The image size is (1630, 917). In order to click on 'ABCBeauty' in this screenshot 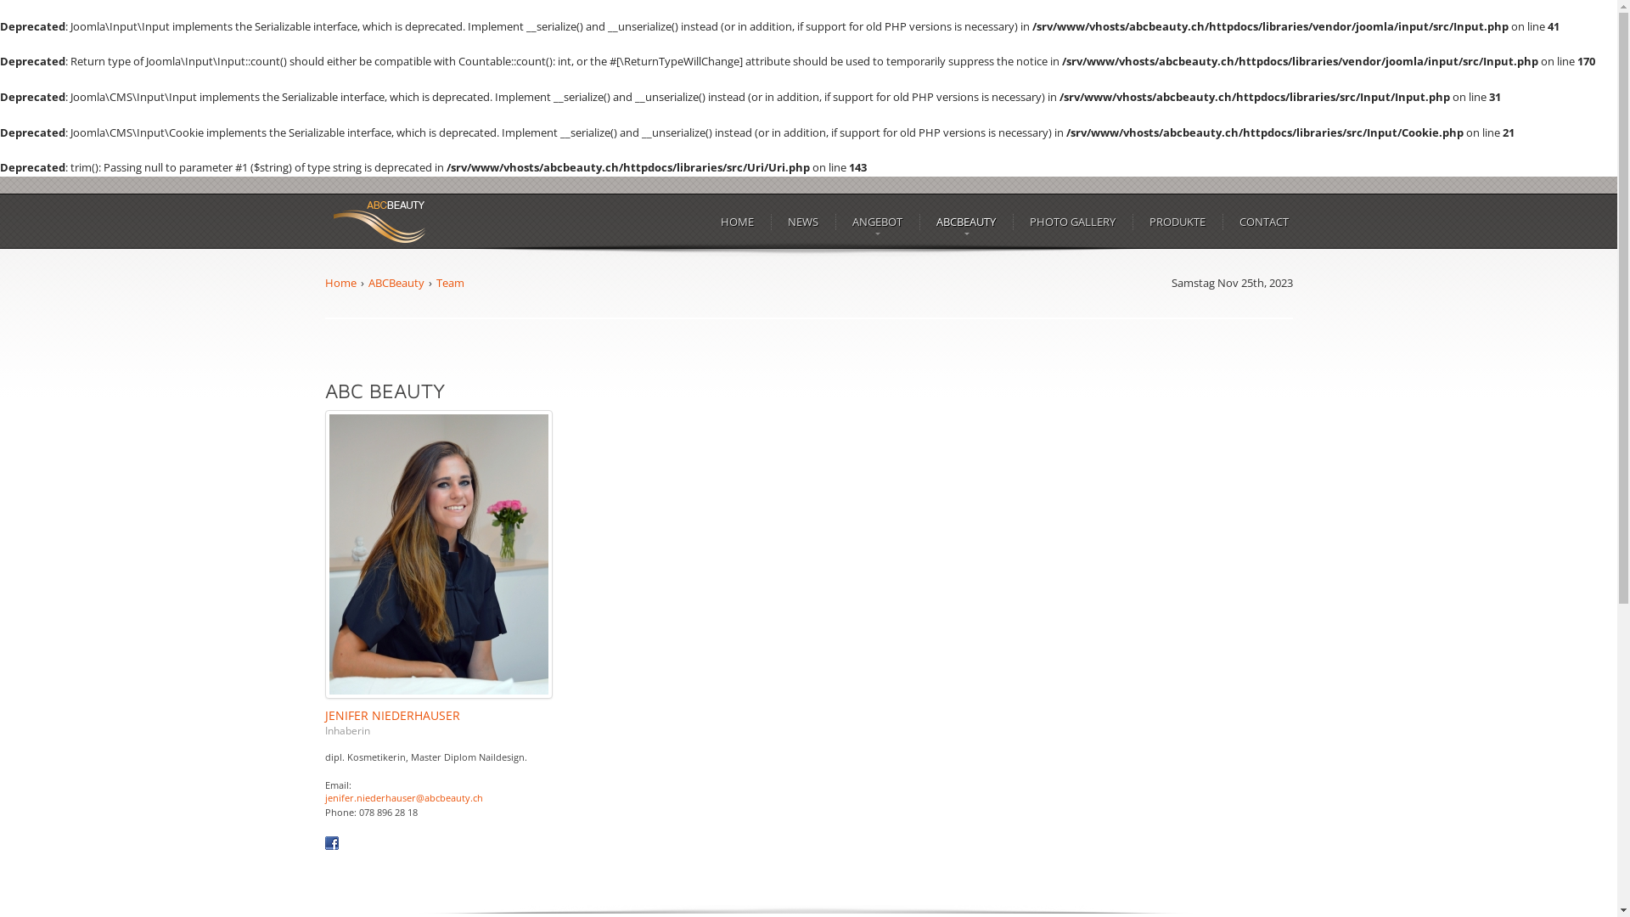, I will do `click(367, 281)`.